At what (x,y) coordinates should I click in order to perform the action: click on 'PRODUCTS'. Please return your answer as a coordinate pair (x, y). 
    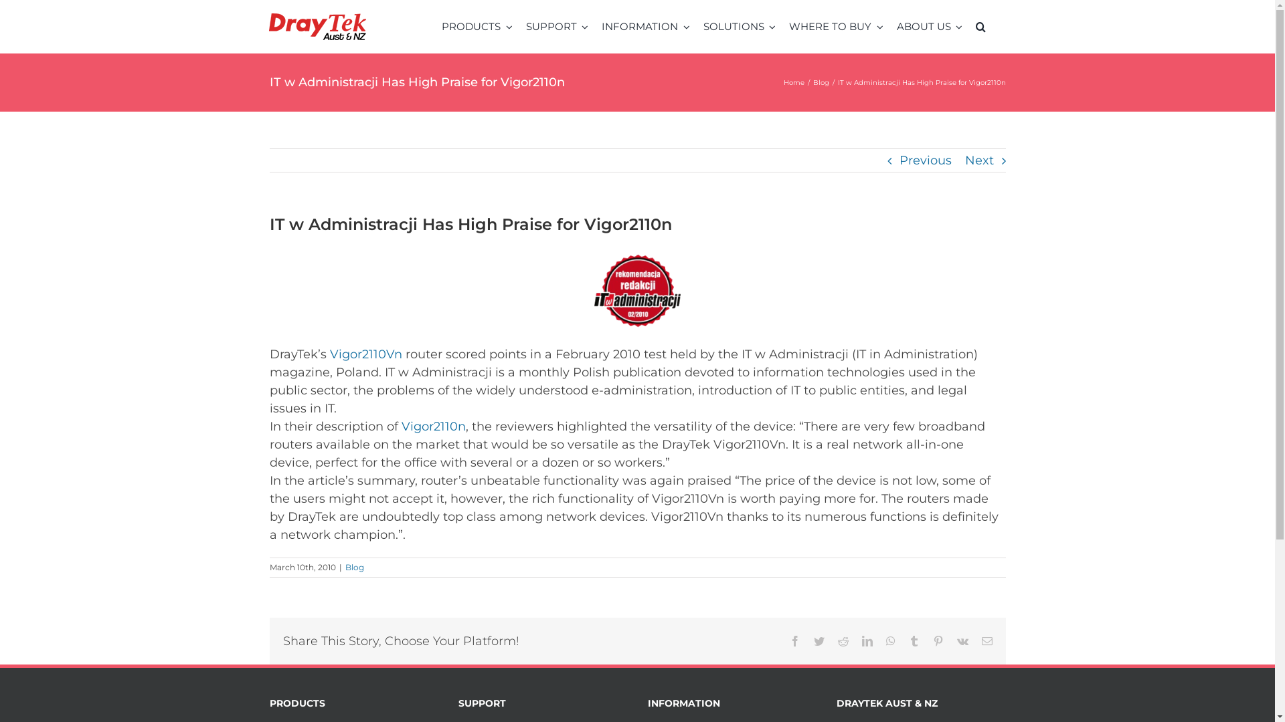
    Looking at the image, I should click on (477, 26).